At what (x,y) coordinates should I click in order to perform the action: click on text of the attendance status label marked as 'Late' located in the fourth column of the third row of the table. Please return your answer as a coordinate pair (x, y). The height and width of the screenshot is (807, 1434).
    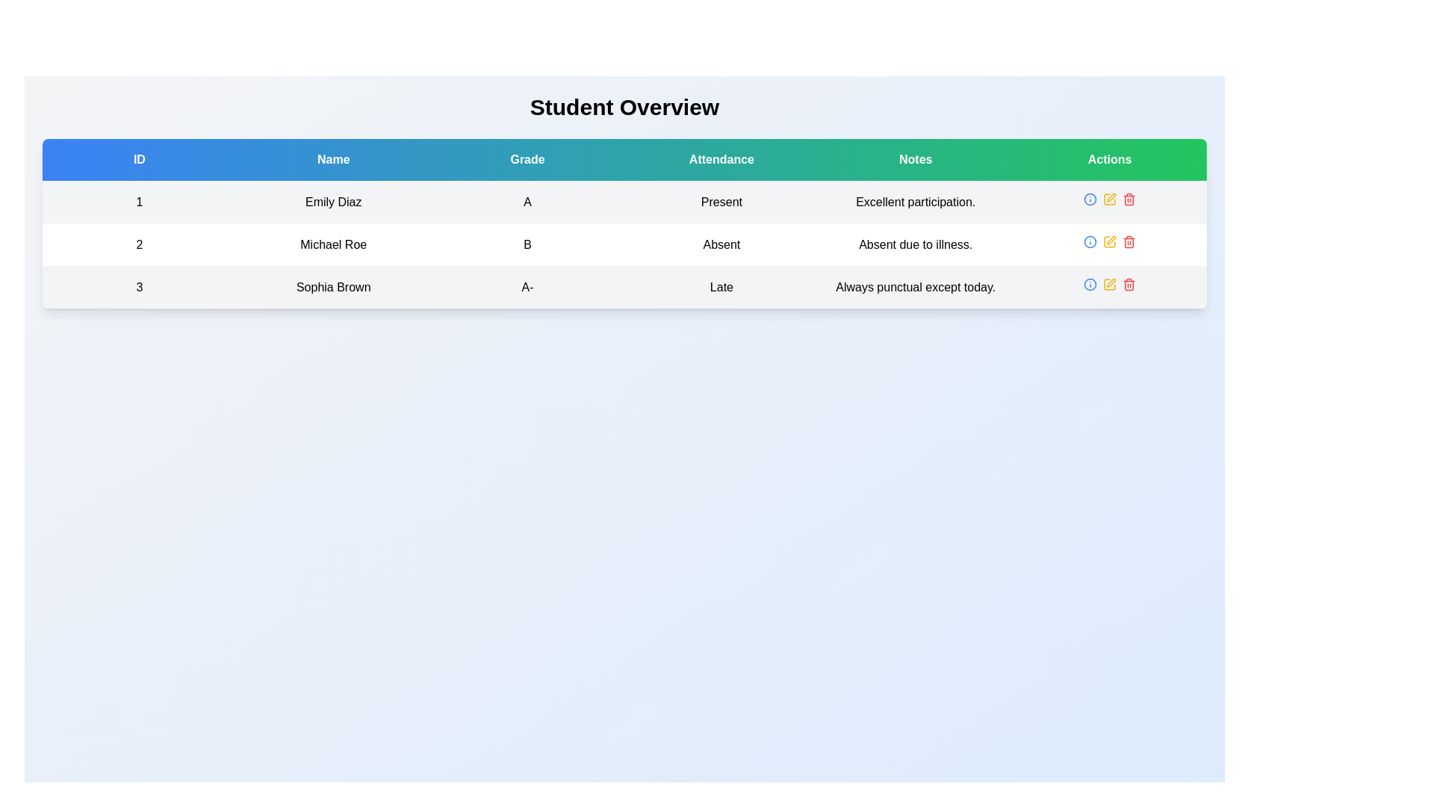
    Looking at the image, I should click on (721, 287).